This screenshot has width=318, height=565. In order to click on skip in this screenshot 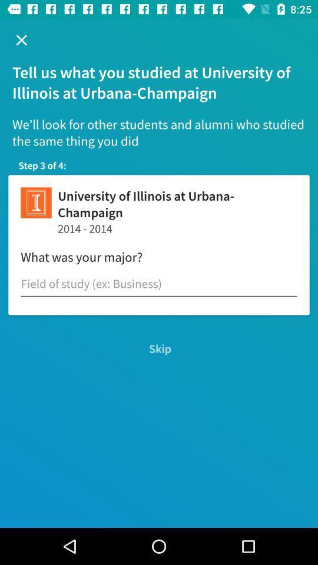, I will do `click(159, 348)`.